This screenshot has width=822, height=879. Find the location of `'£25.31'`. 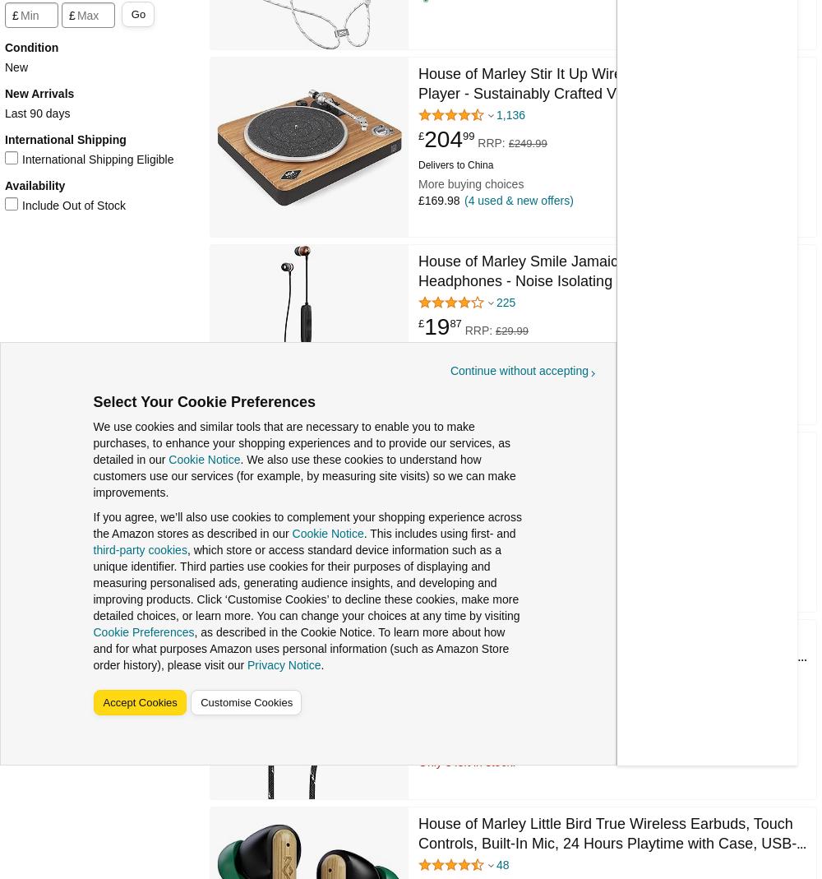

'£25.31' is located at coordinates (453, 701).